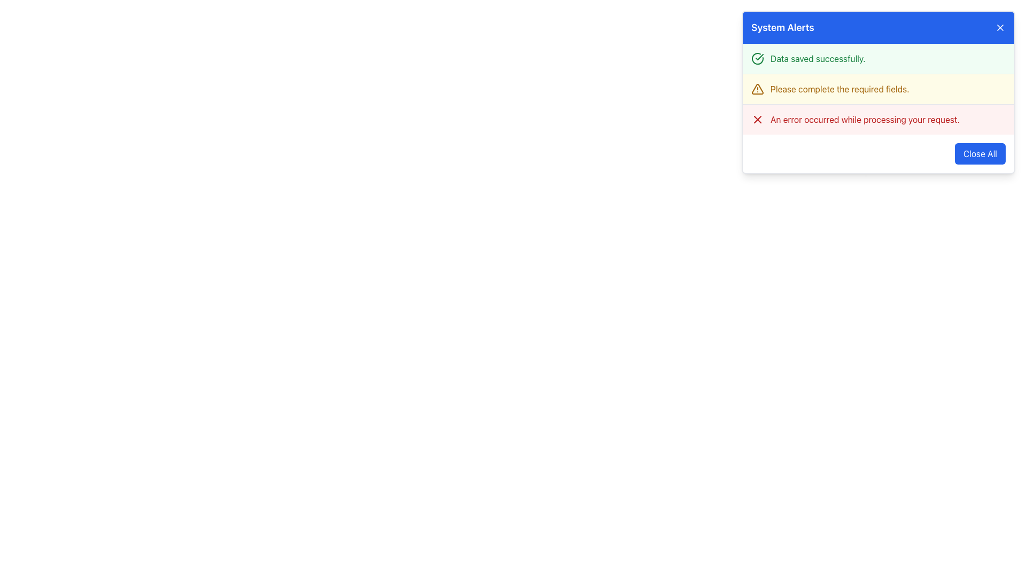  I want to click on the presence of an error by clicking on the third notification alert, which displays an error message, so click(878, 119).